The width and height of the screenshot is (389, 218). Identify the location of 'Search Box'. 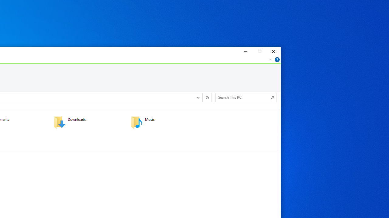
(243, 97).